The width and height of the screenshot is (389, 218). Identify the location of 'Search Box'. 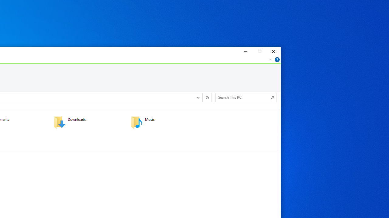
(243, 97).